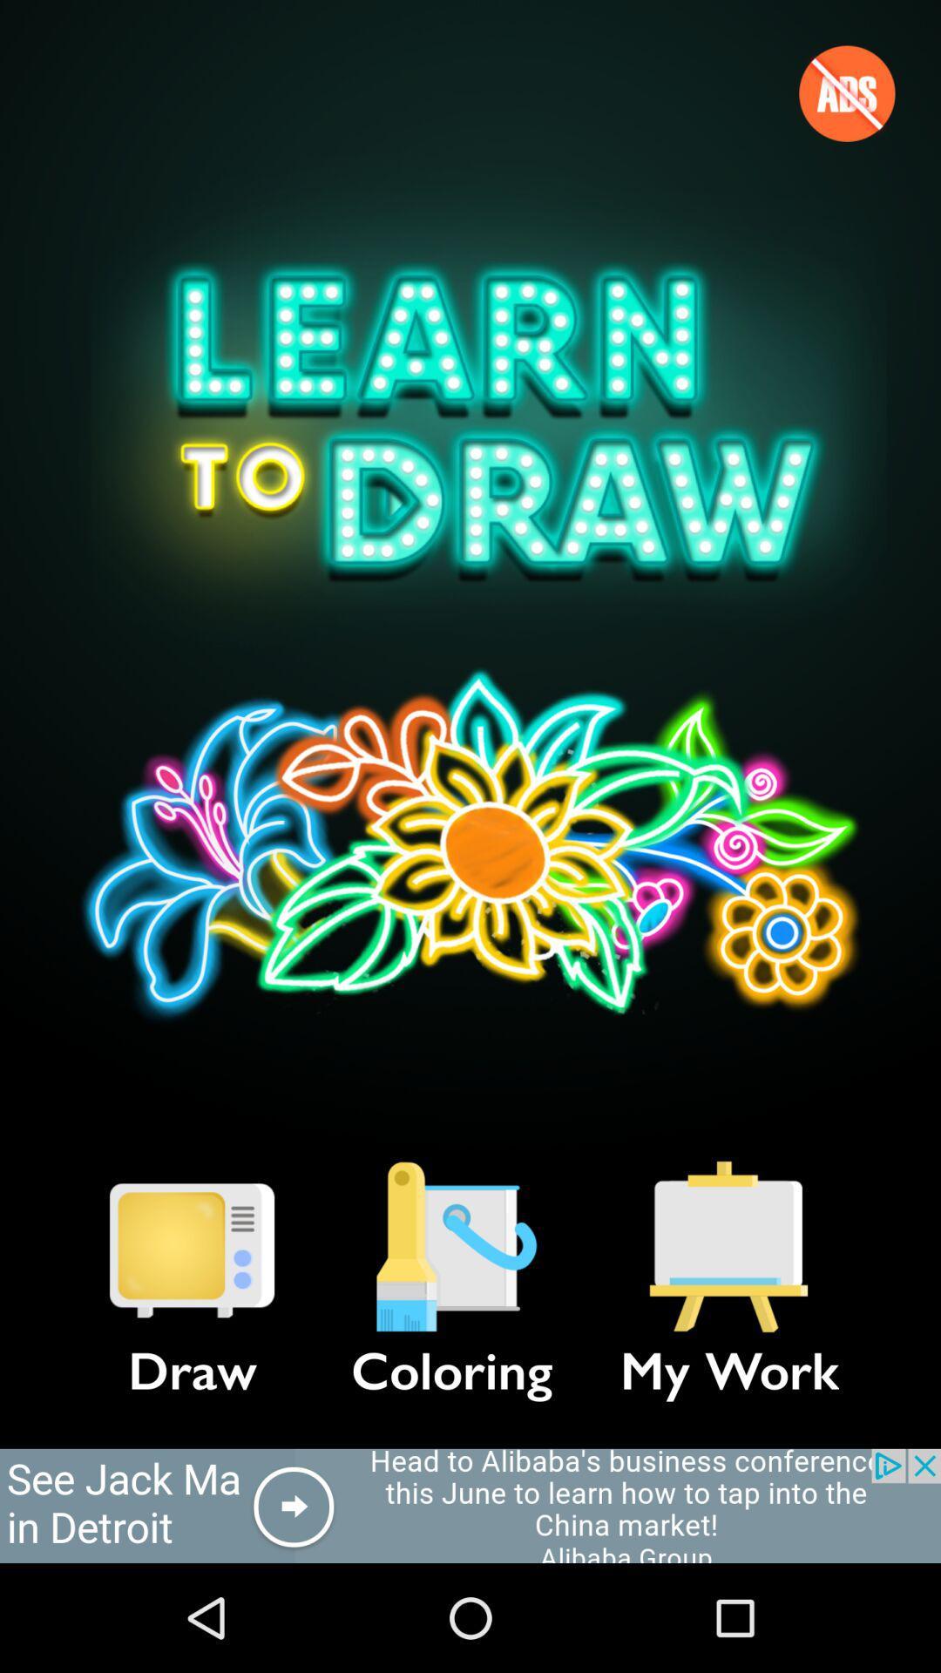 This screenshot has height=1673, width=941. Describe the element at coordinates (192, 1246) in the screenshot. I see `the icon to the left of coloring` at that location.